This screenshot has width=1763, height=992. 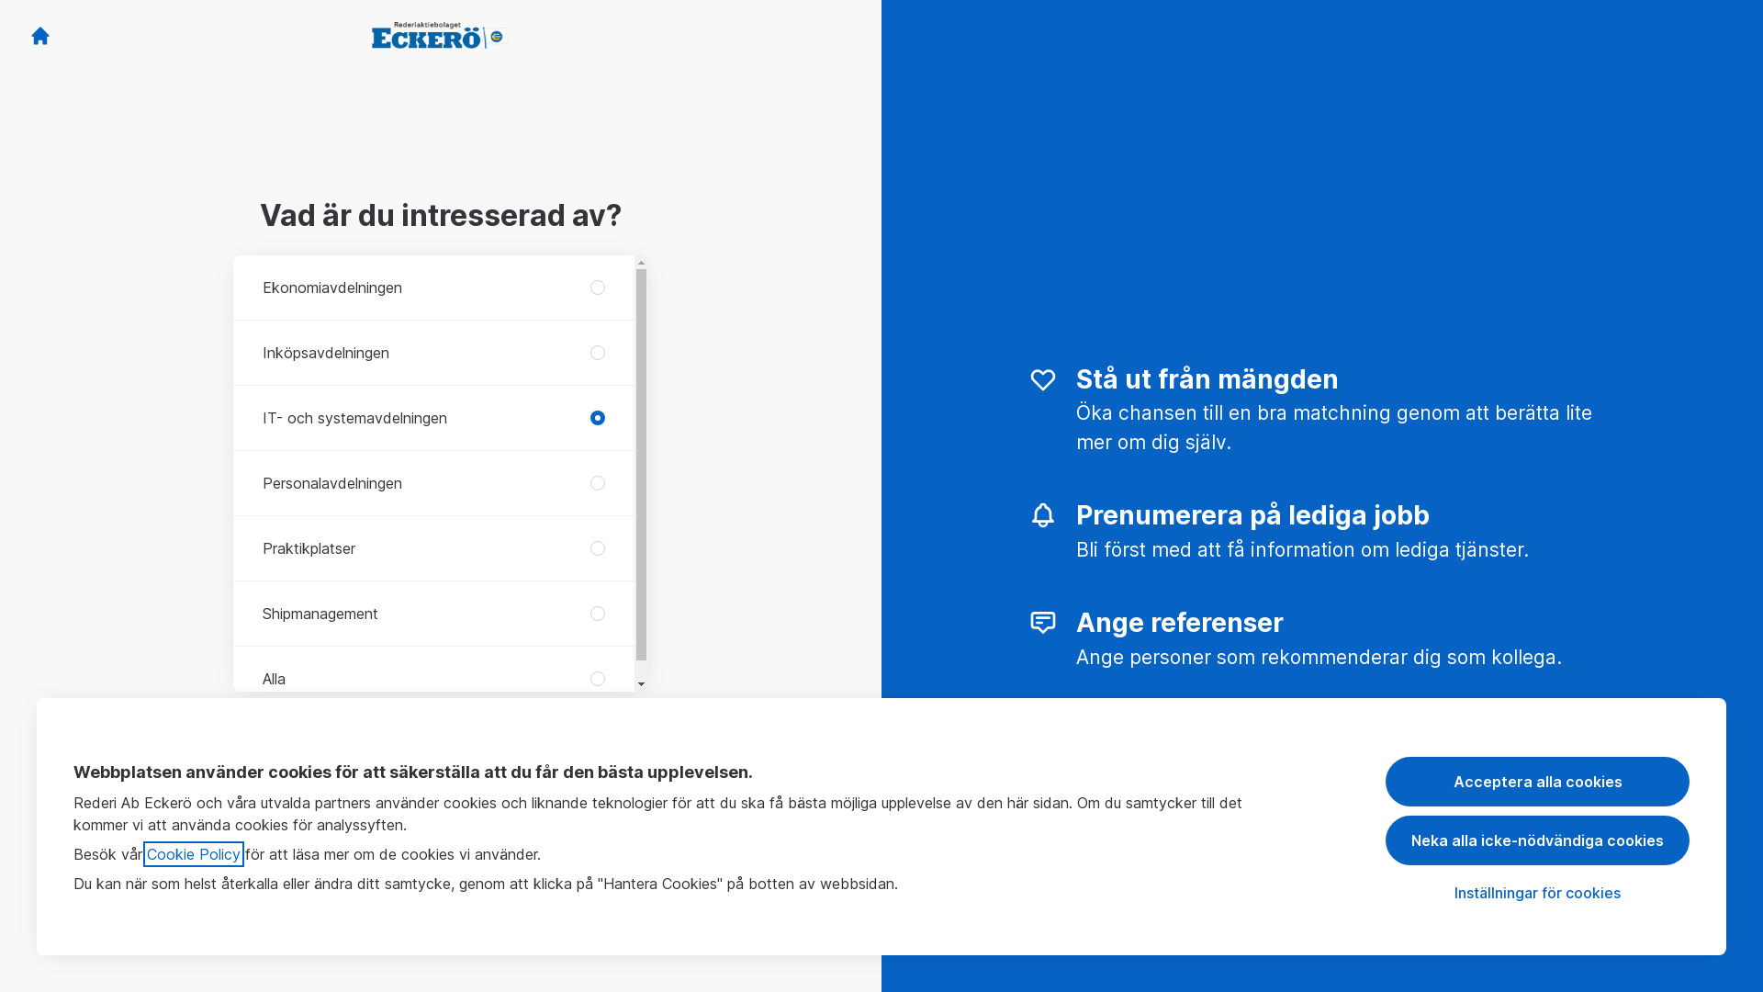 What do you see at coordinates (194, 853) in the screenshot?
I see `'Cookie Policy'` at bounding box center [194, 853].